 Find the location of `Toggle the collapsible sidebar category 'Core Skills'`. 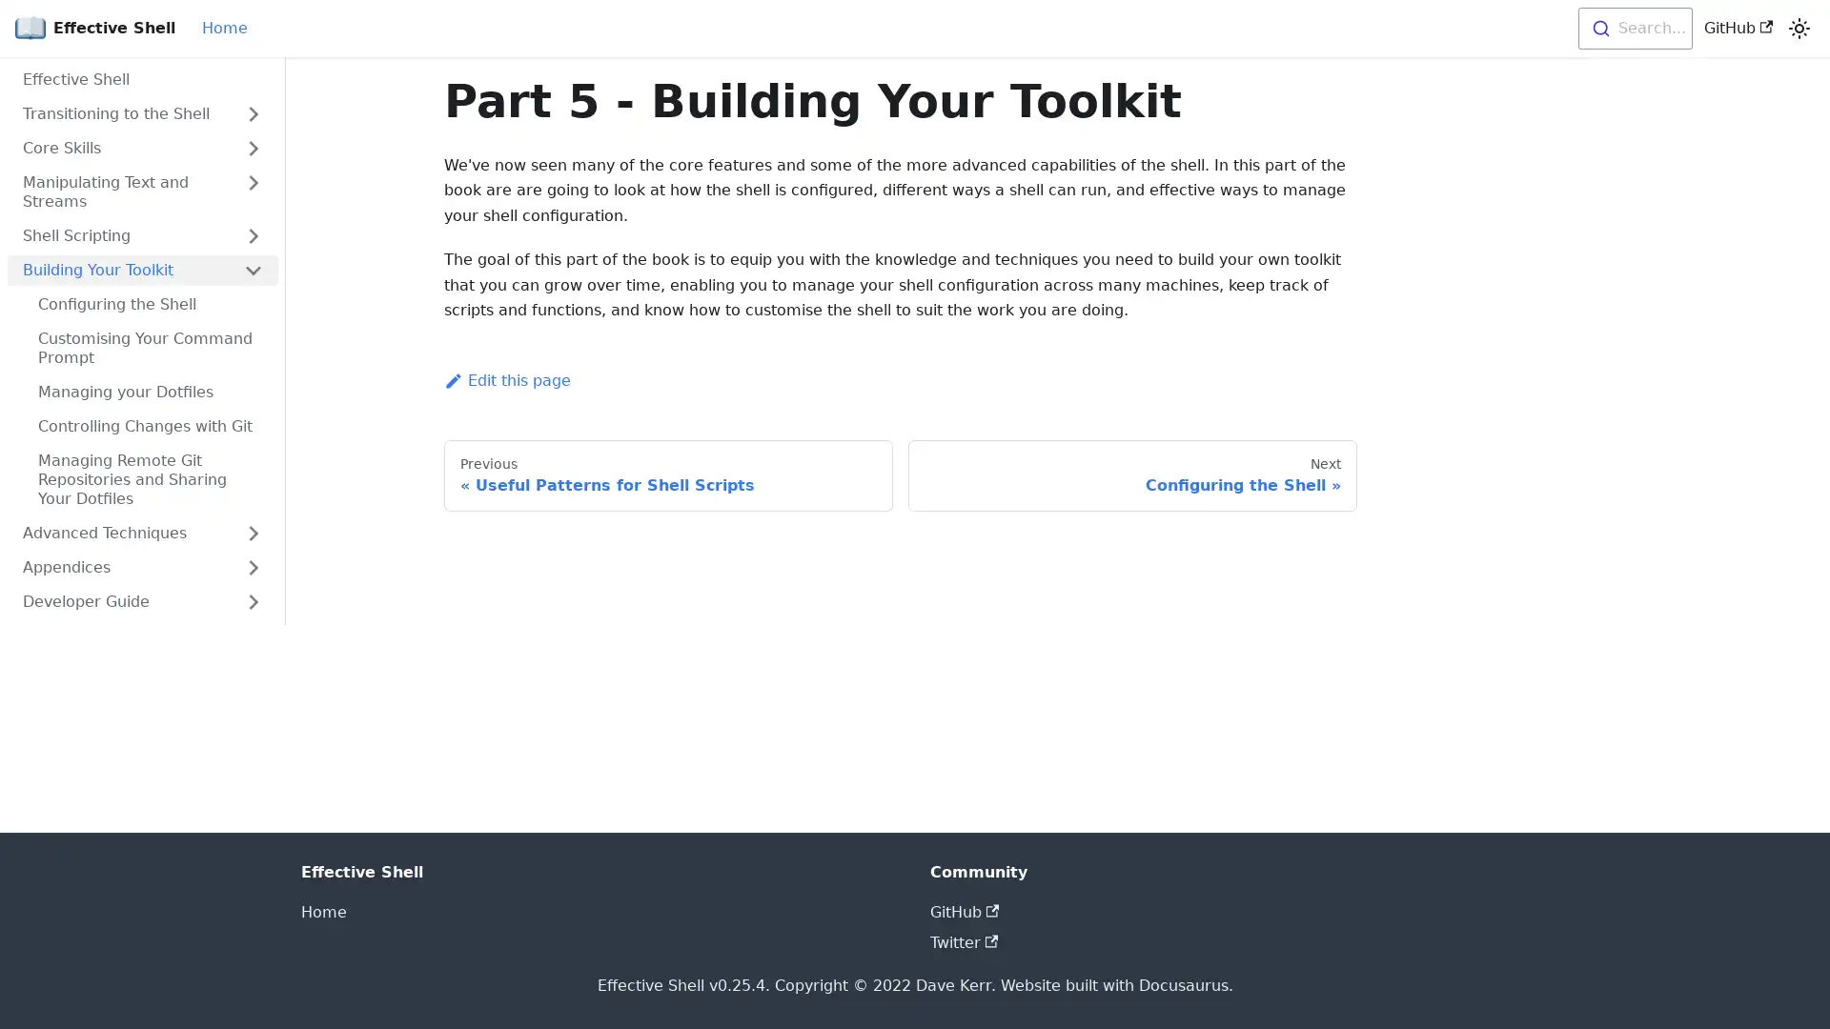

Toggle the collapsible sidebar category 'Core Skills' is located at coordinates (252, 147).